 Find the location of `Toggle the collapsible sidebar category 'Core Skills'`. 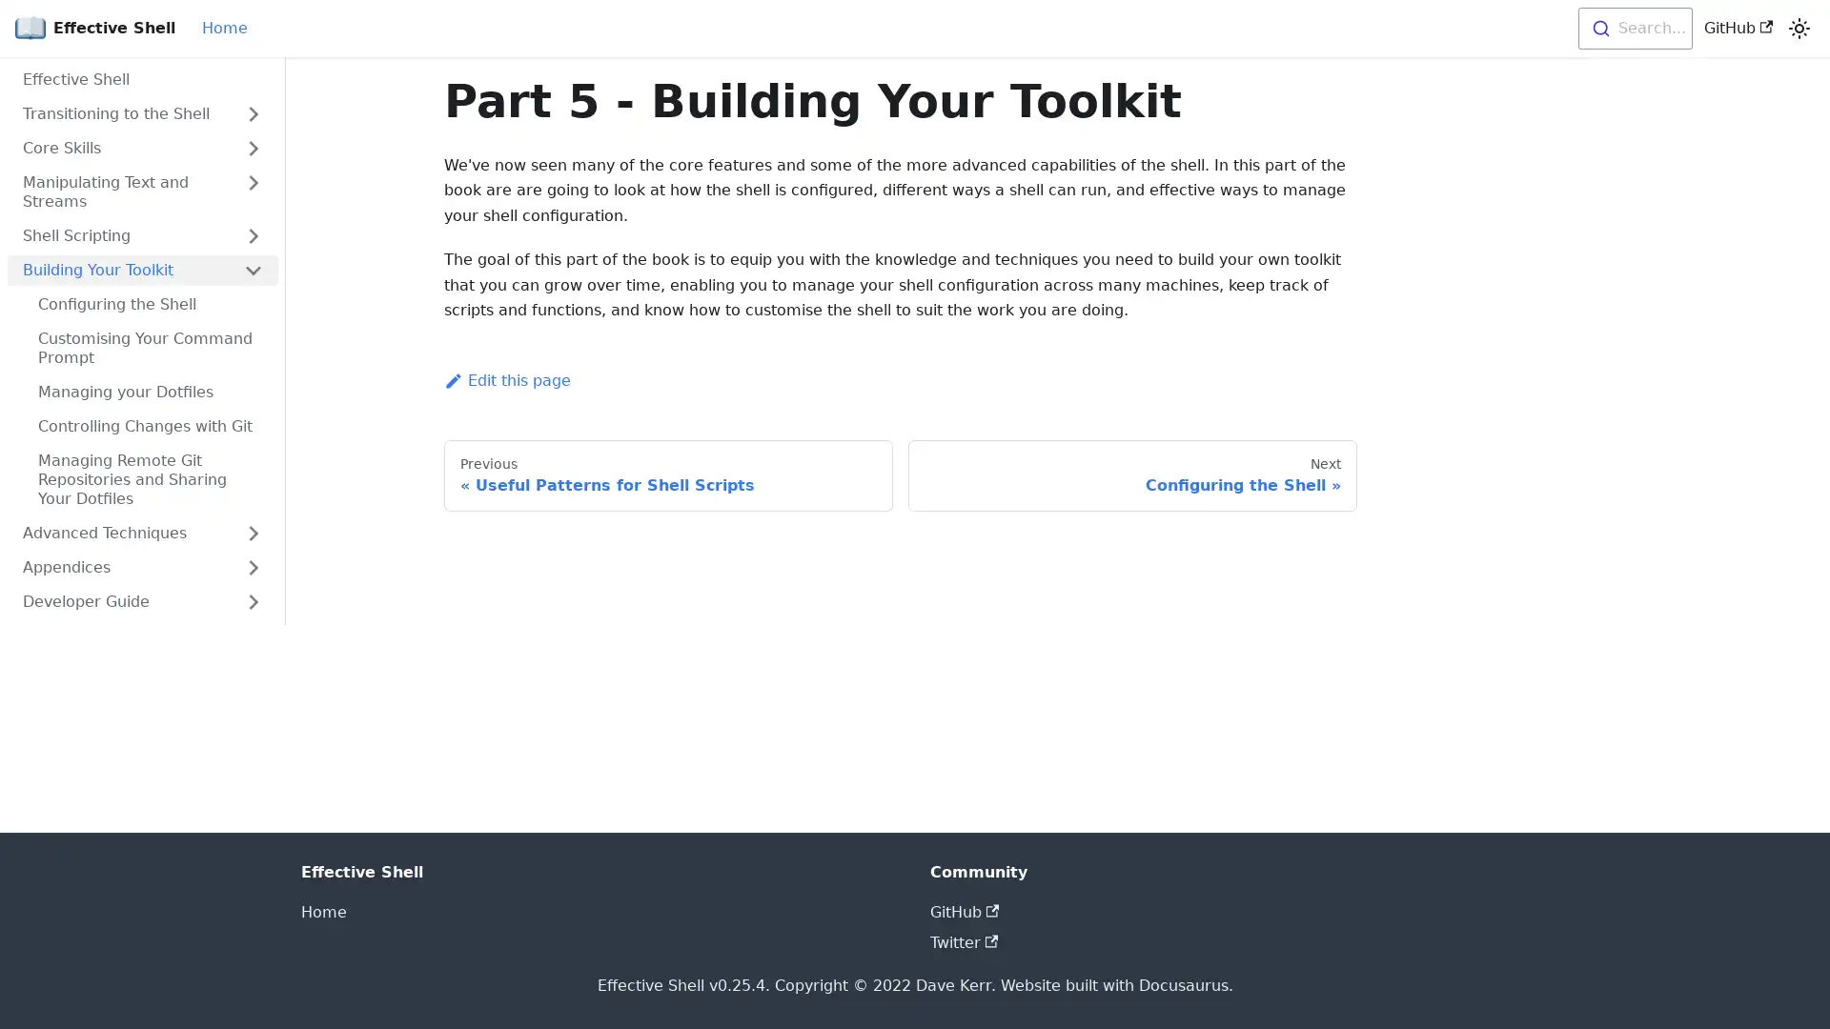

Toggle the collapsible sidebar category 'Core Skills' is located at coordinates (252, 147).